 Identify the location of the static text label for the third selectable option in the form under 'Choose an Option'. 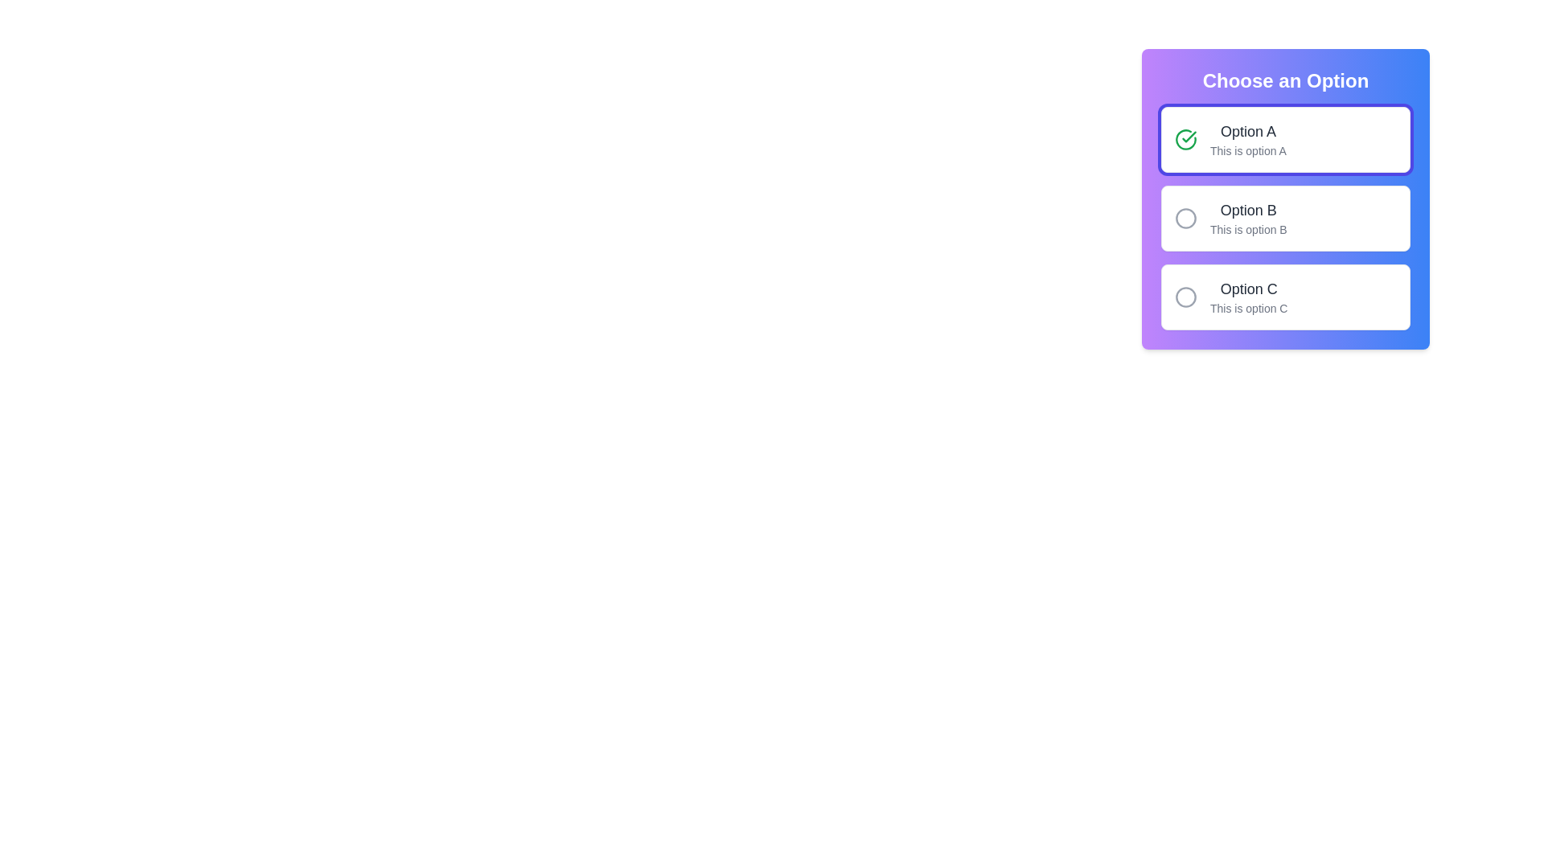
(1248, 288).